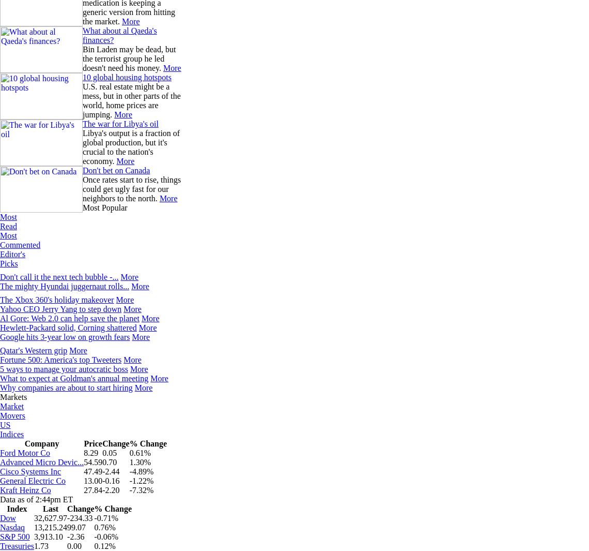 The height and width of the screenshot is (551, 589). Describe the element at coordinates (83, 188) in the screenshot. I see `'Once rates start to rise, things could get ugly fast for our neighbors to the north.'` at that location.